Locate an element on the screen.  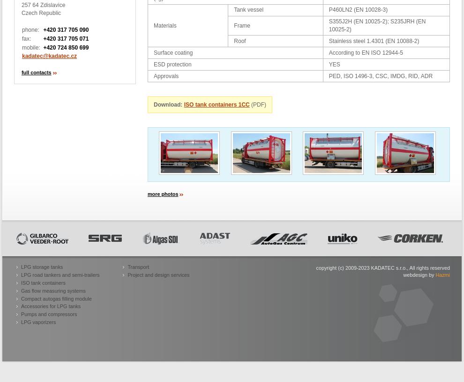
'LPG road tankers and semi-trailers' is located at coordinates (60, 274).